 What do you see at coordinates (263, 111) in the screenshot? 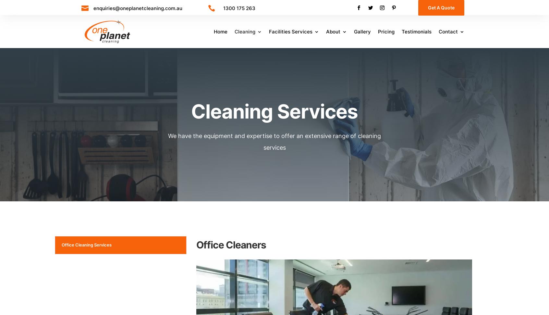
I see `'Retail and Public Spaces'` at bounding box center [263, 111].